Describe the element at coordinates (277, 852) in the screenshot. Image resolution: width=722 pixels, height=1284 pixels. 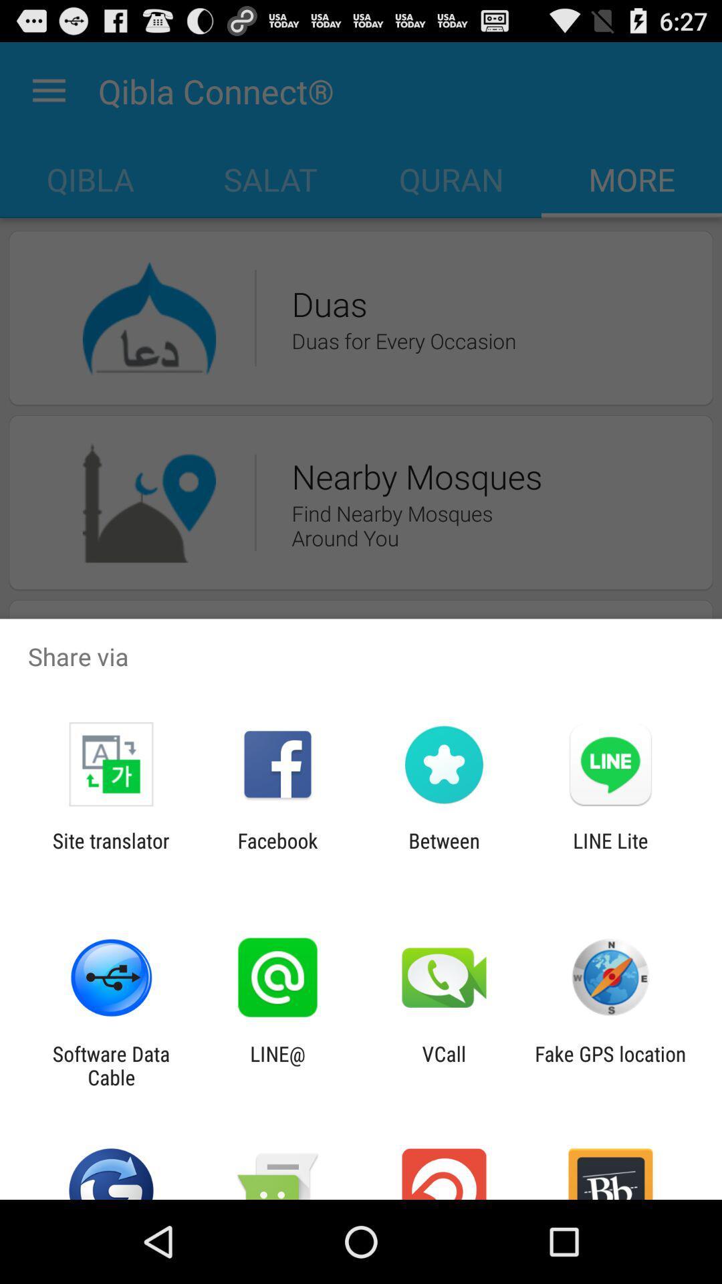
I see `item to the left of between` at that location.